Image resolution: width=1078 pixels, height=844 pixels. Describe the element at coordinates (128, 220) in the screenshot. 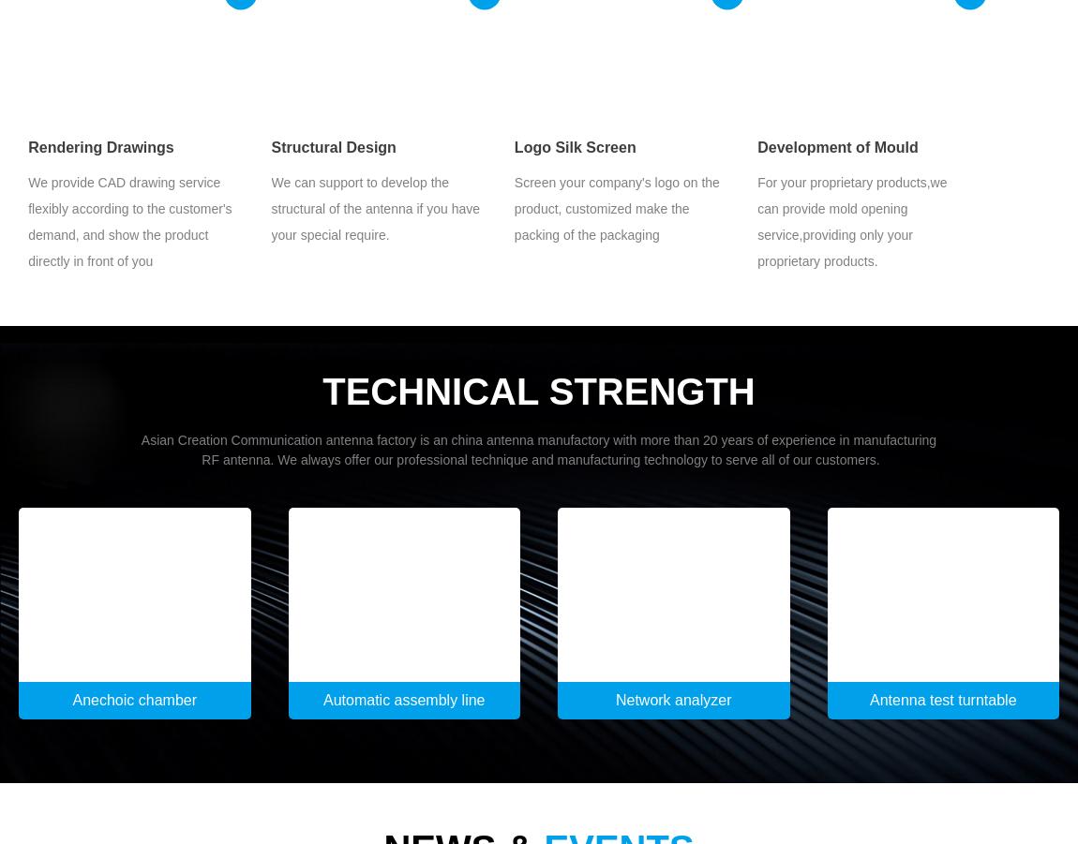

I see `'We provide CAD drawing service flexibly according to the customer's demand, and show the product directly in front of you'` at that location.